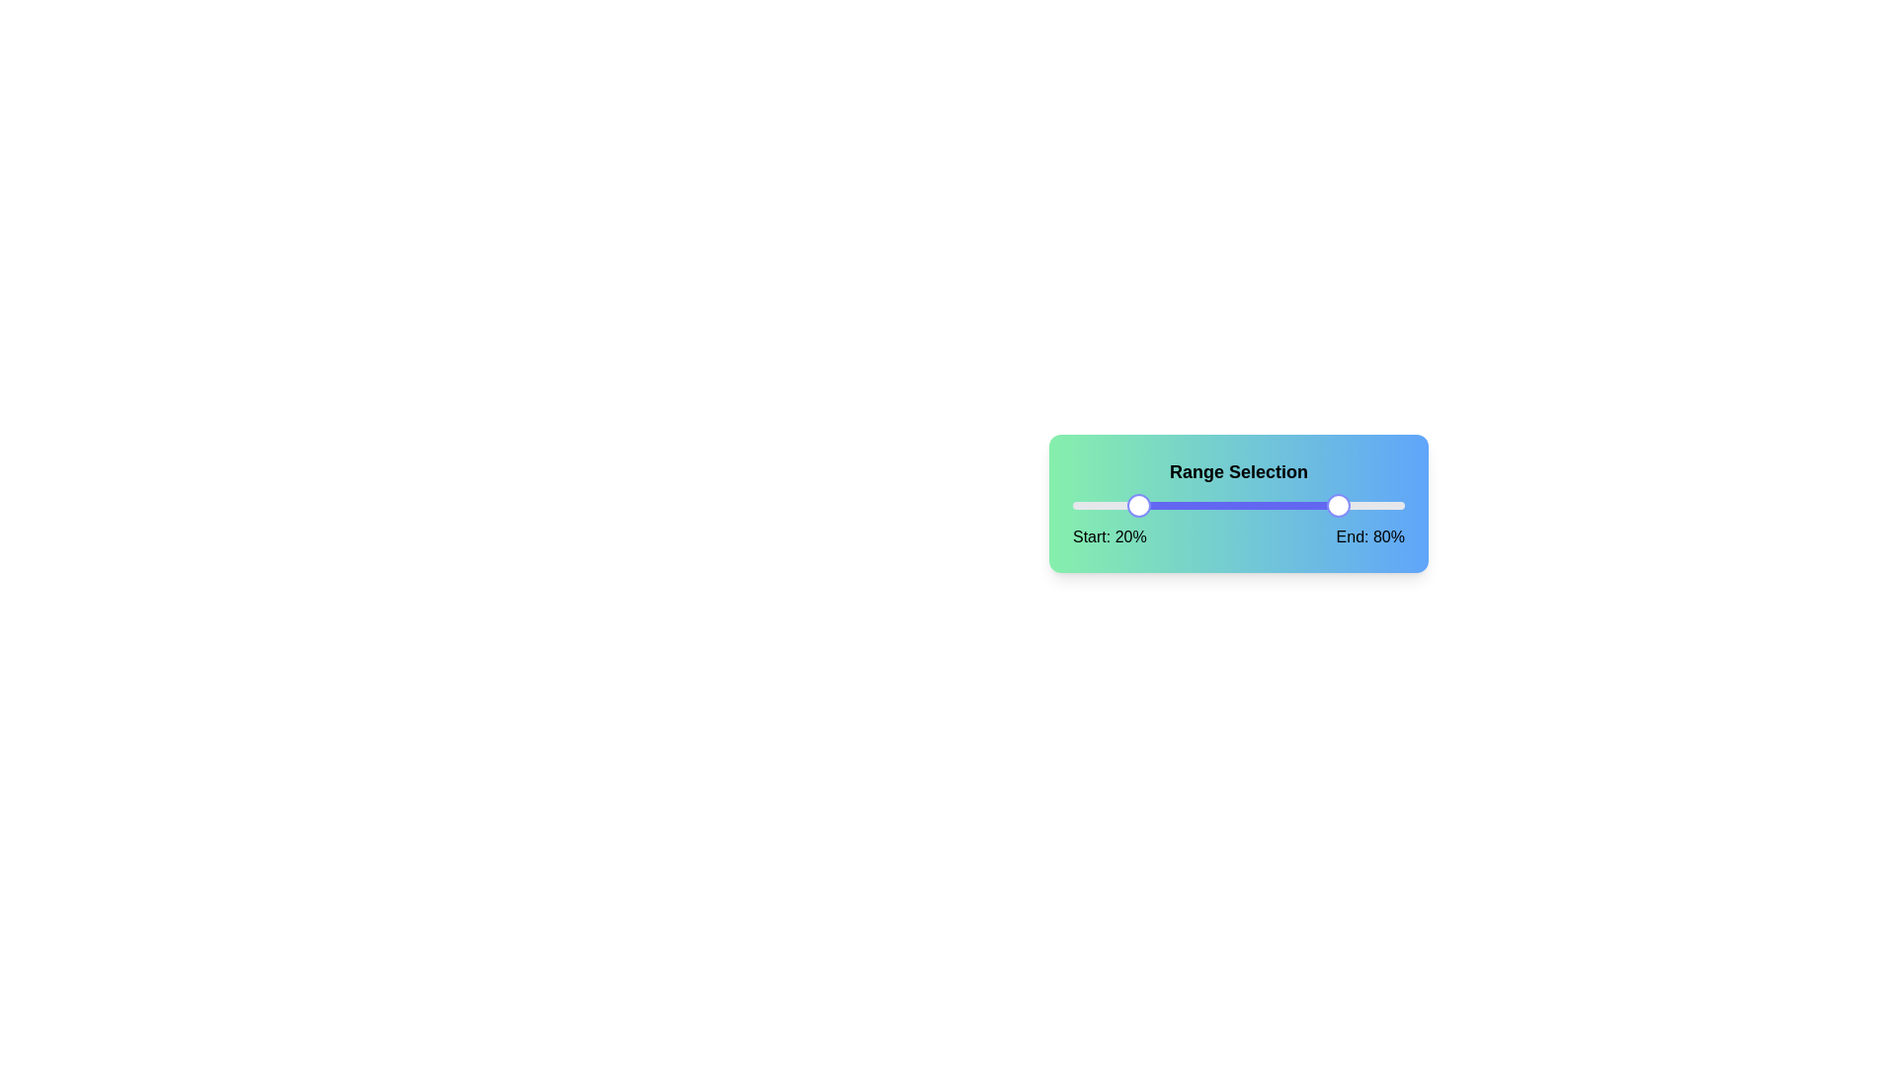  Describe the element at coordinates (1271, 505) in the screenshot. I see `the end value of the range slider` at that location.